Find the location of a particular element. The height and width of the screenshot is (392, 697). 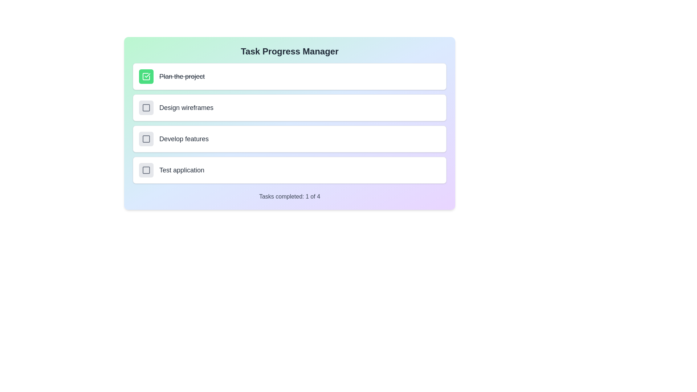

the checkbox in the third list item component labeled 'Develop features' to mark the task as complete is located at coordinates (289, 139).